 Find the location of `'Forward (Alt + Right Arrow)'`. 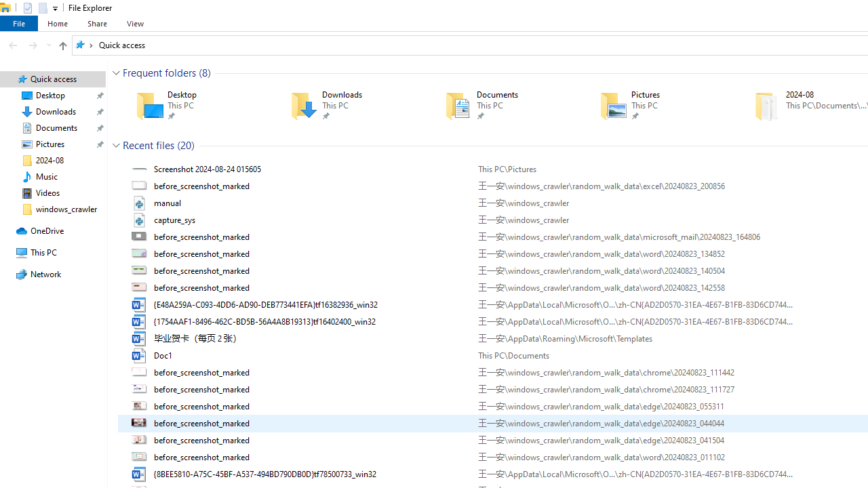

'Forward (Alt + Right Arrow)' is located at coordinates (33, 44).